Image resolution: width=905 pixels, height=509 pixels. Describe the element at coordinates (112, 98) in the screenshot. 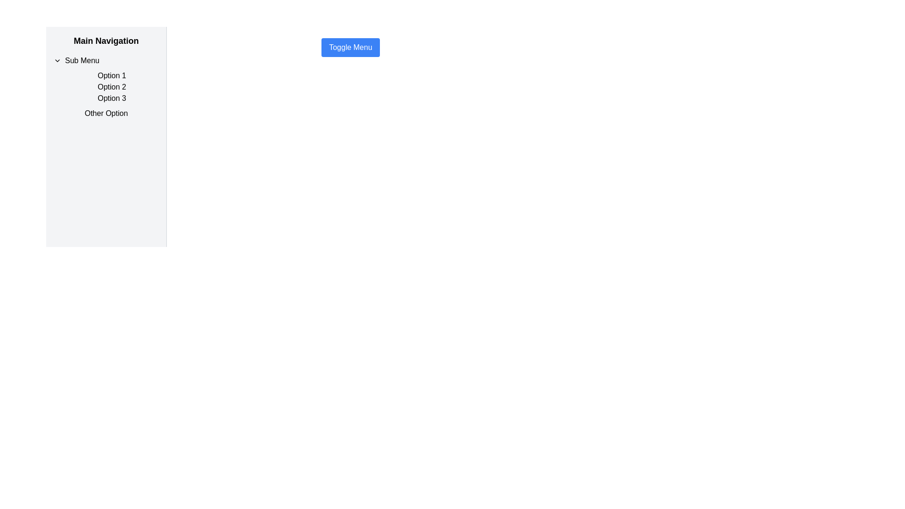

I see `the third item in the vertical list under the 'Sub Menu' section, which is a selectable option in the navigation menu` at that location.